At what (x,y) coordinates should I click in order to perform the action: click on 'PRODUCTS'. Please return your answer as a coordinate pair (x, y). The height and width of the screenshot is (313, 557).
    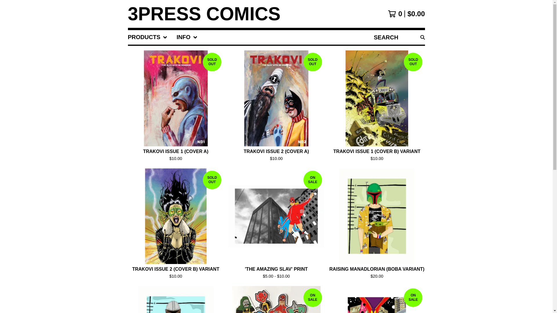
    Looking at the image, I should click on (147, 37).